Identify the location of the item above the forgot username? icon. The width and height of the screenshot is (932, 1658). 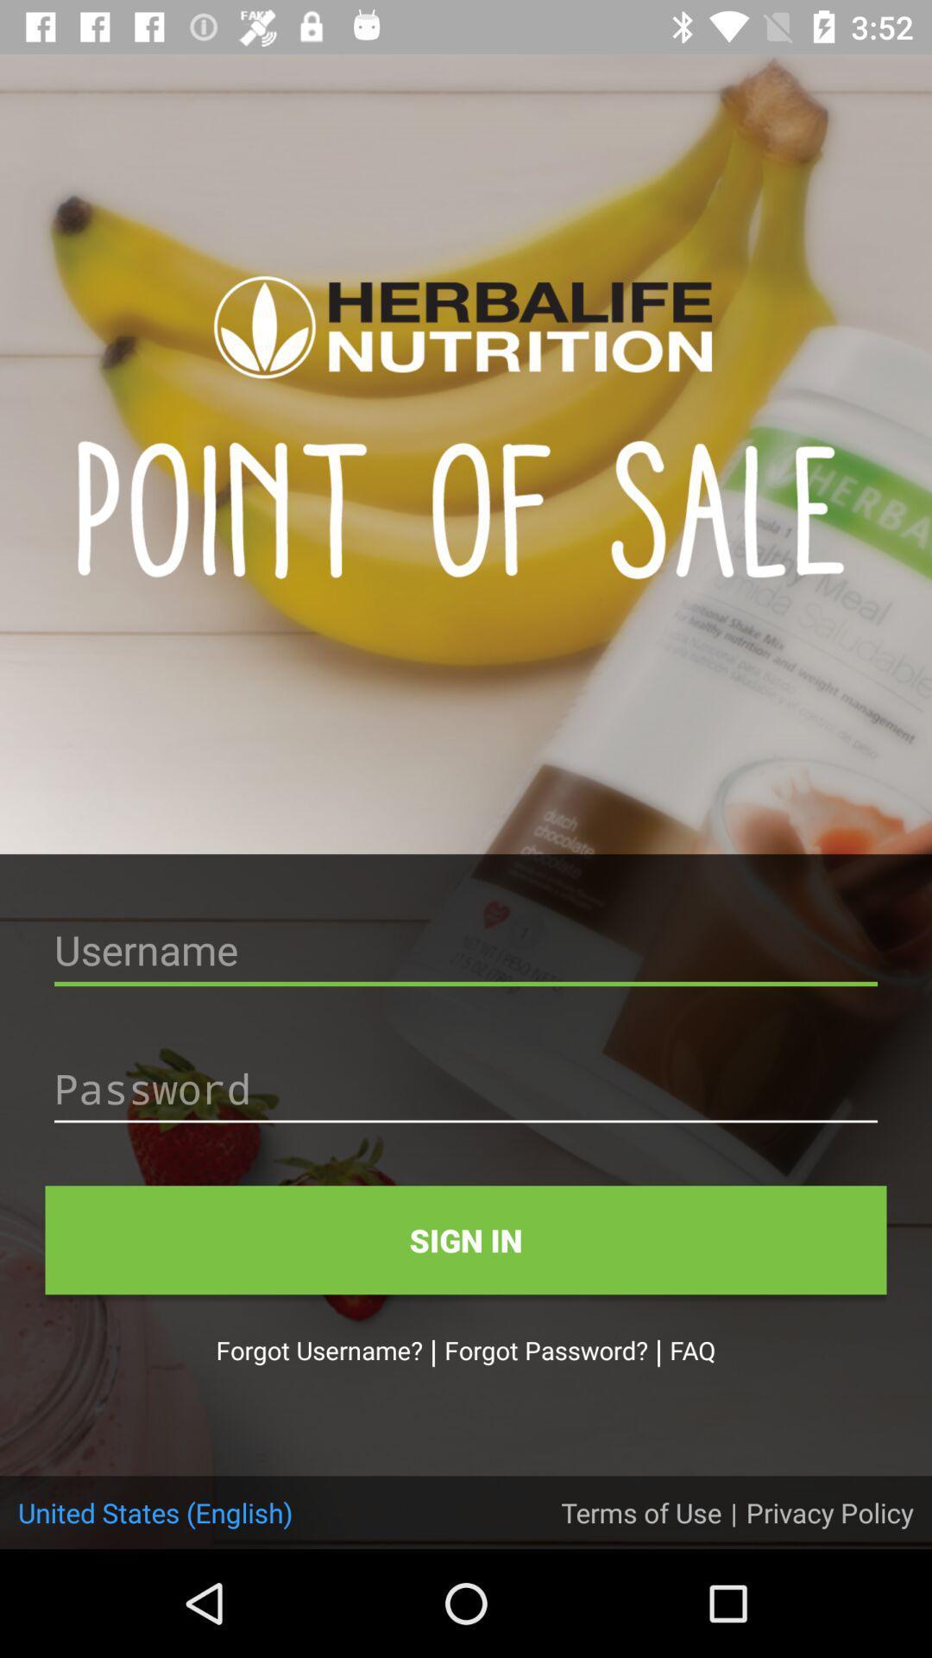
(466, 1239).